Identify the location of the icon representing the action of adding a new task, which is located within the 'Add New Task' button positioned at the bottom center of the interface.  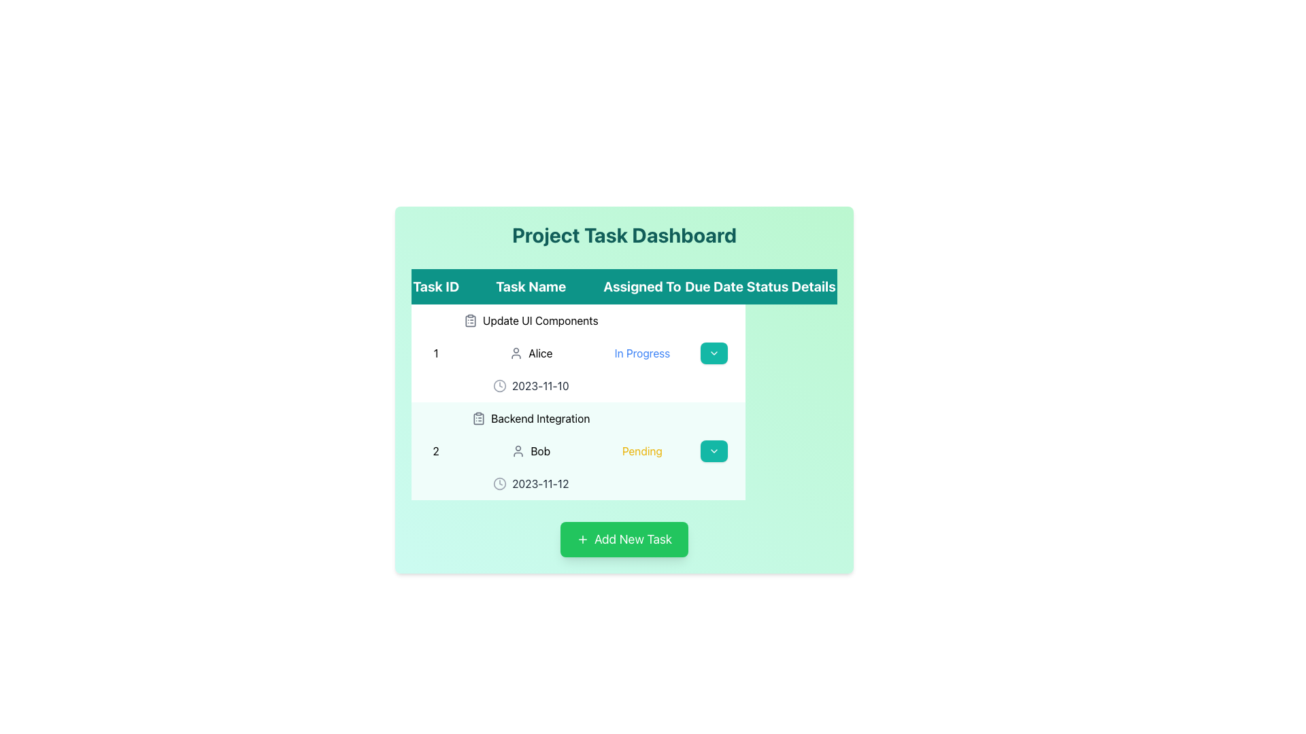
(582, 539).